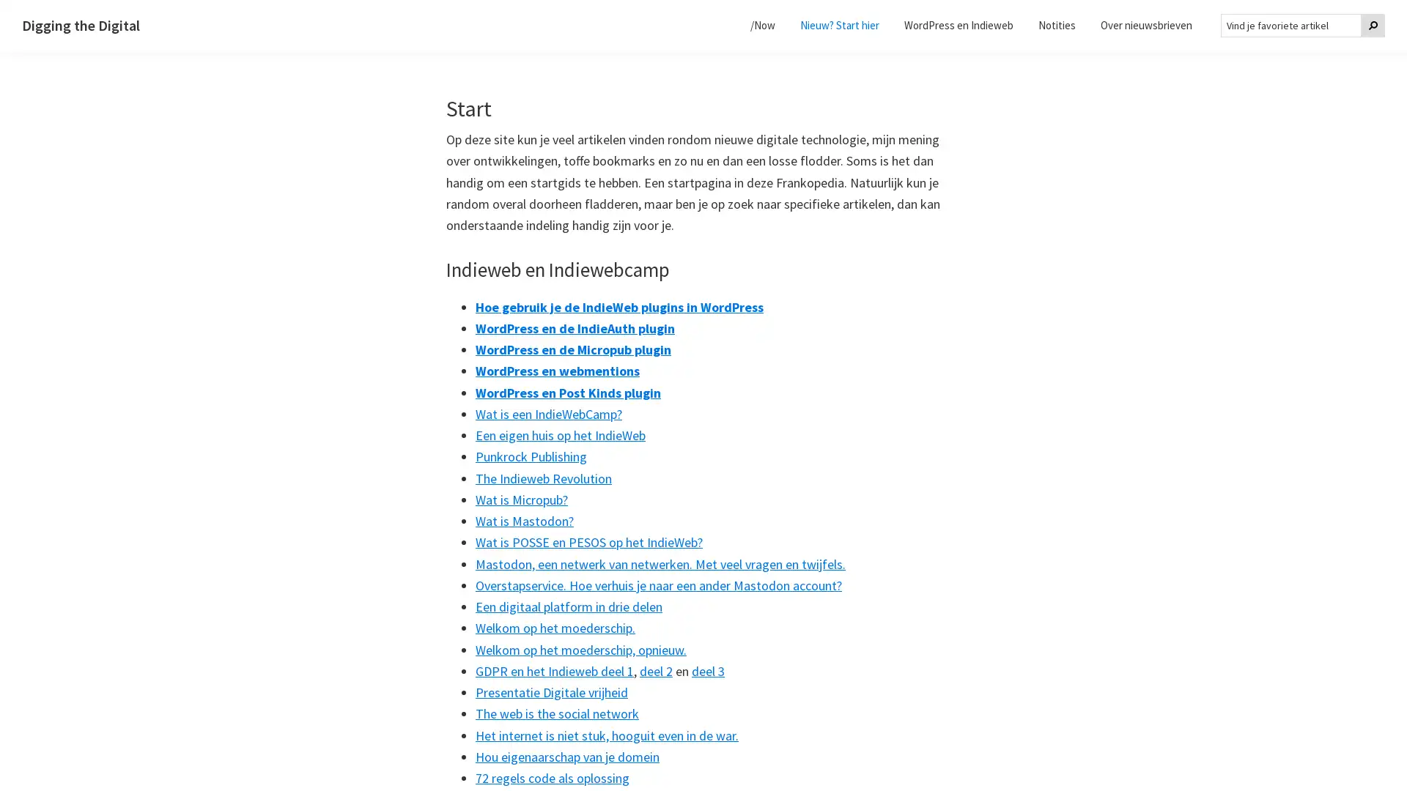  I want to click on Search, so click(1372, 25).